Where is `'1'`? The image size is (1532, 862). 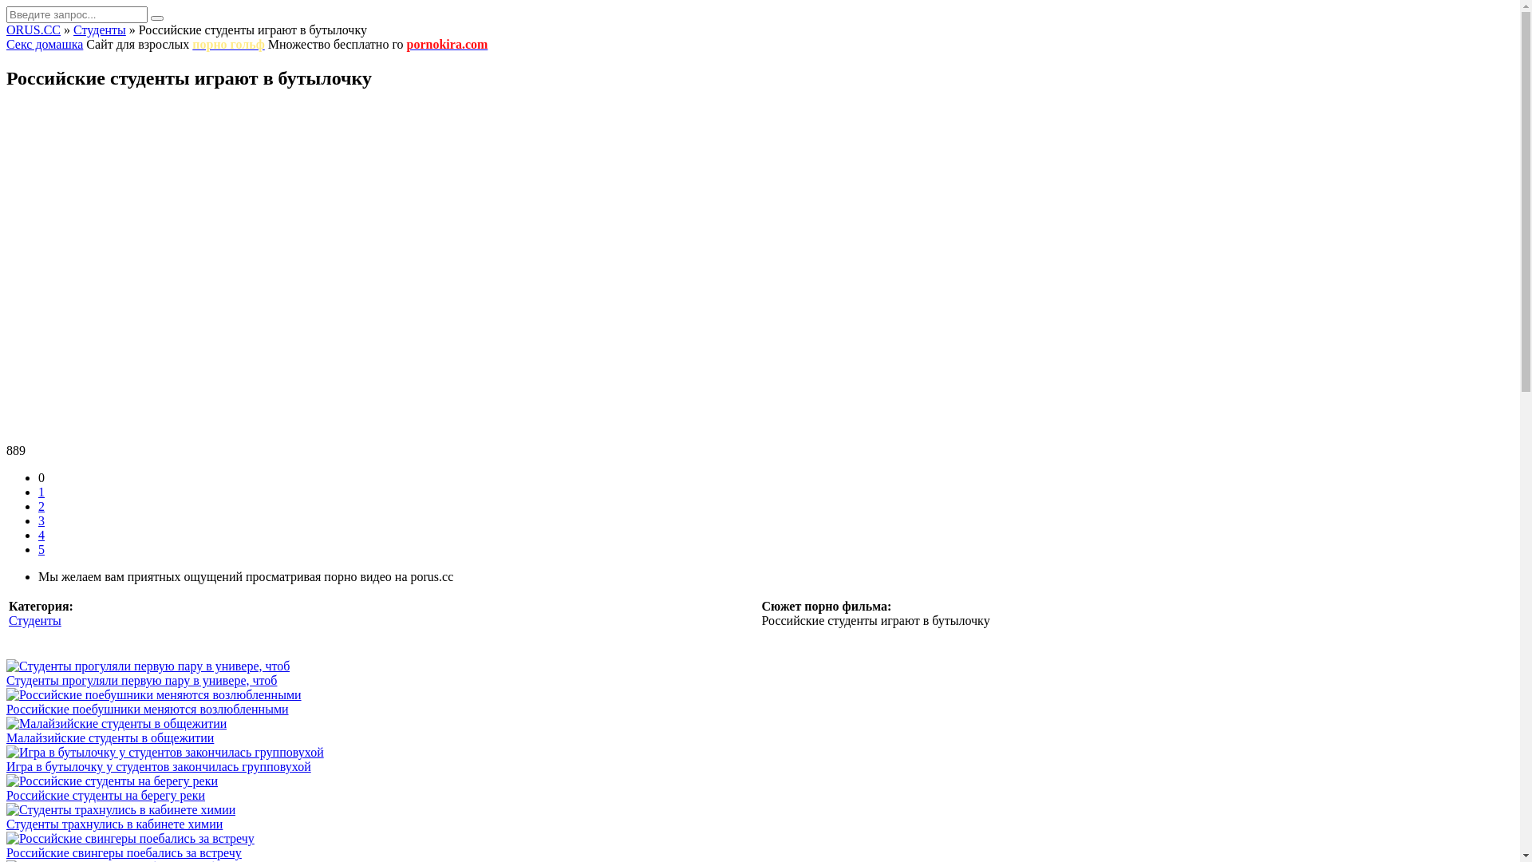
'1' is located at coordinates (41, 491).